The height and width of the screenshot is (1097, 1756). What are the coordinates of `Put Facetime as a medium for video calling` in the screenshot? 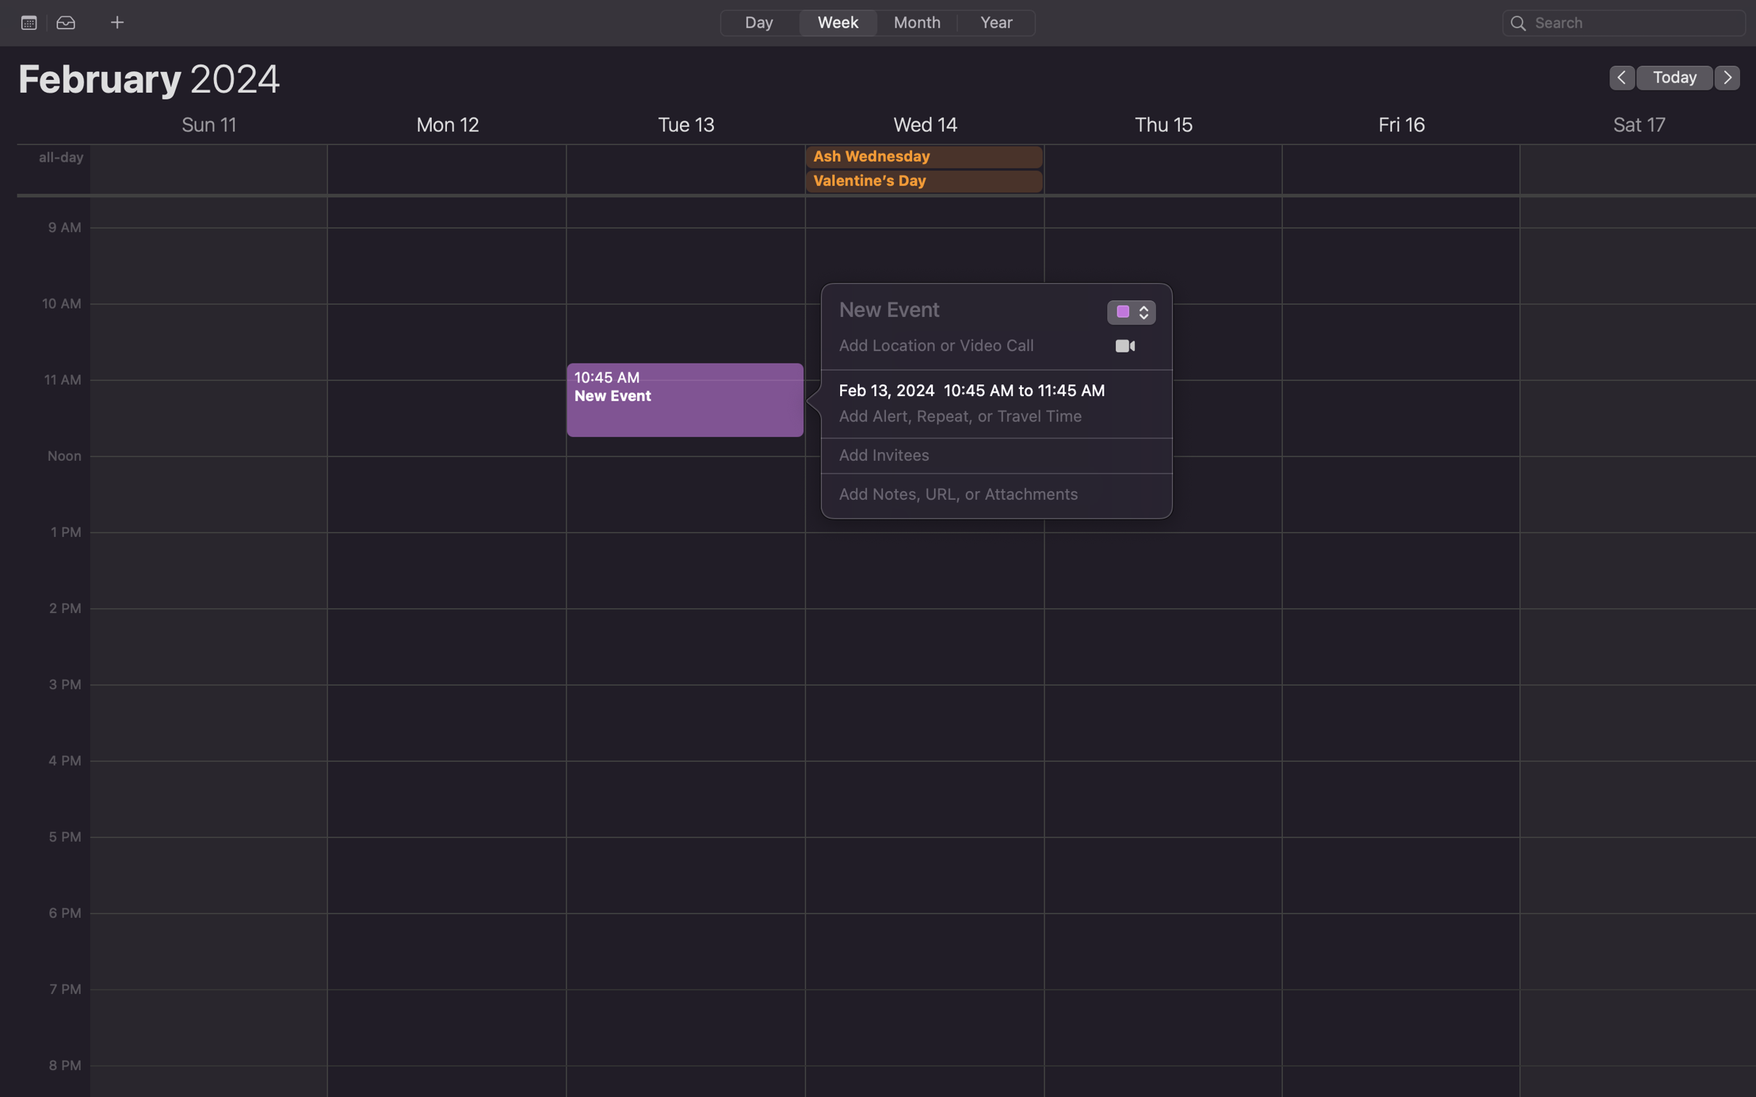 It's located at (1125, 346).